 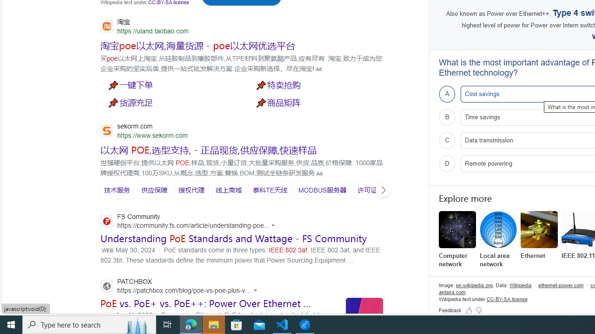 I want to click on 'Global web icon', so click(x=106, y=286).